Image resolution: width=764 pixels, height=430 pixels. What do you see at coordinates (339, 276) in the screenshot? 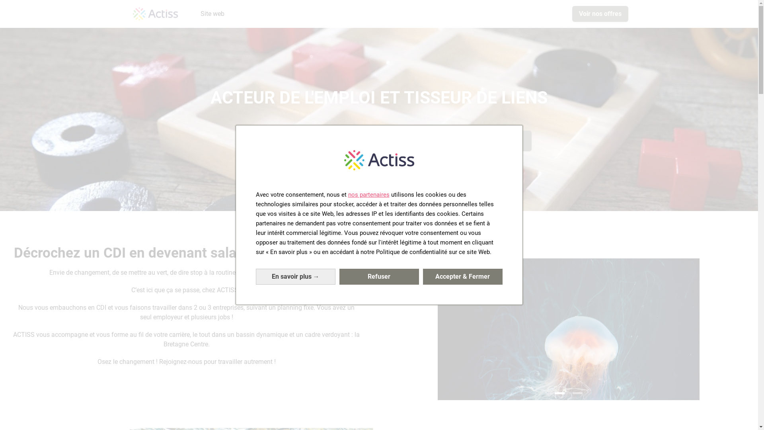
I see `'Refuser'` at bounding box center [339, 276].